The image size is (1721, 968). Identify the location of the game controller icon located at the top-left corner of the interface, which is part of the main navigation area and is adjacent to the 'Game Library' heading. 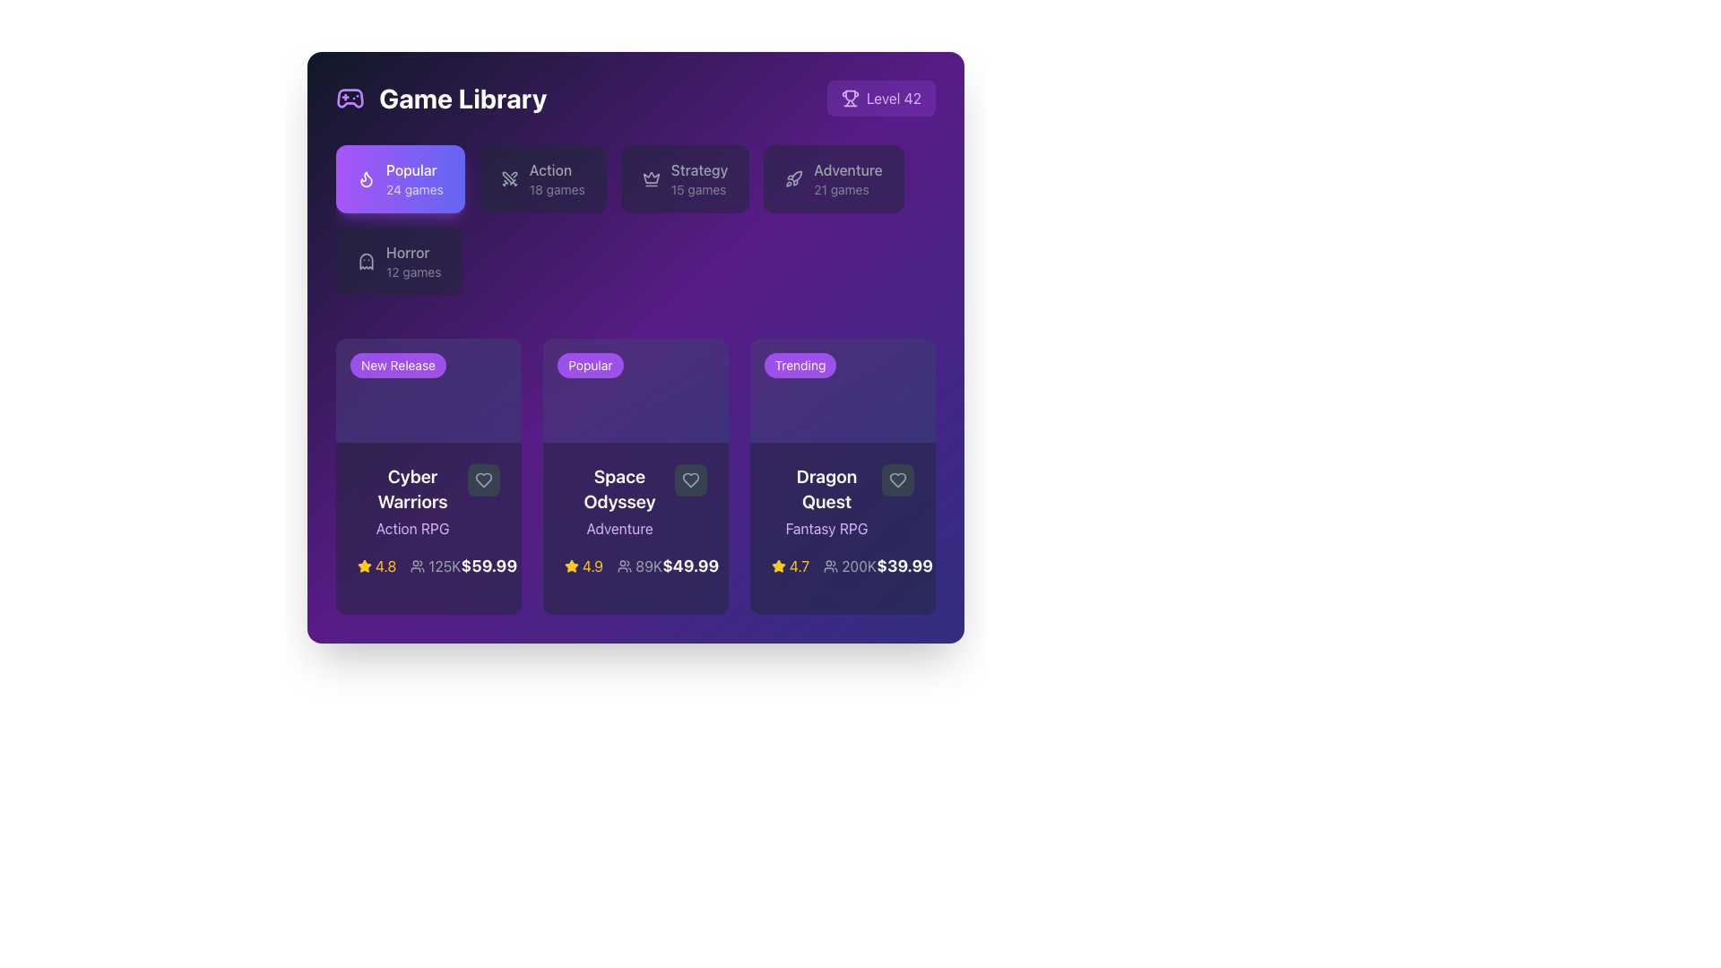
(350, 99).